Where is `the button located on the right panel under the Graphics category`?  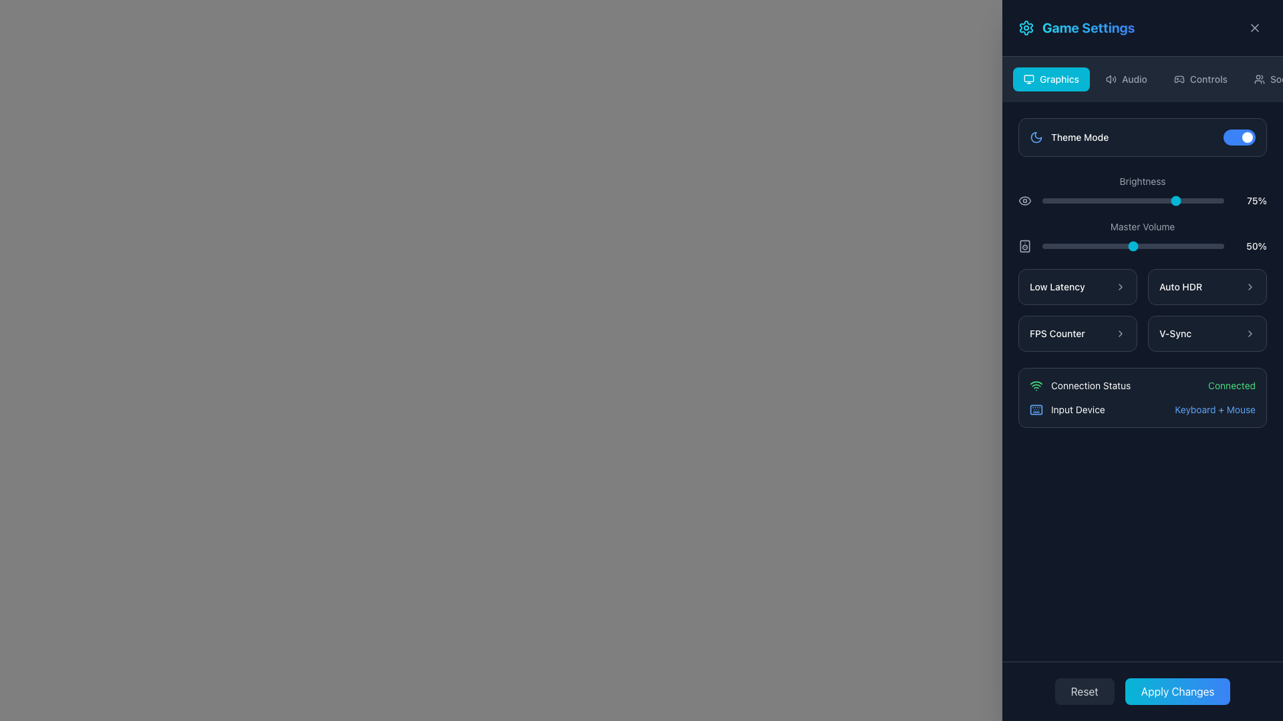 the button located on the right panel under the Graphics category is located at coordinates (1077, 333).